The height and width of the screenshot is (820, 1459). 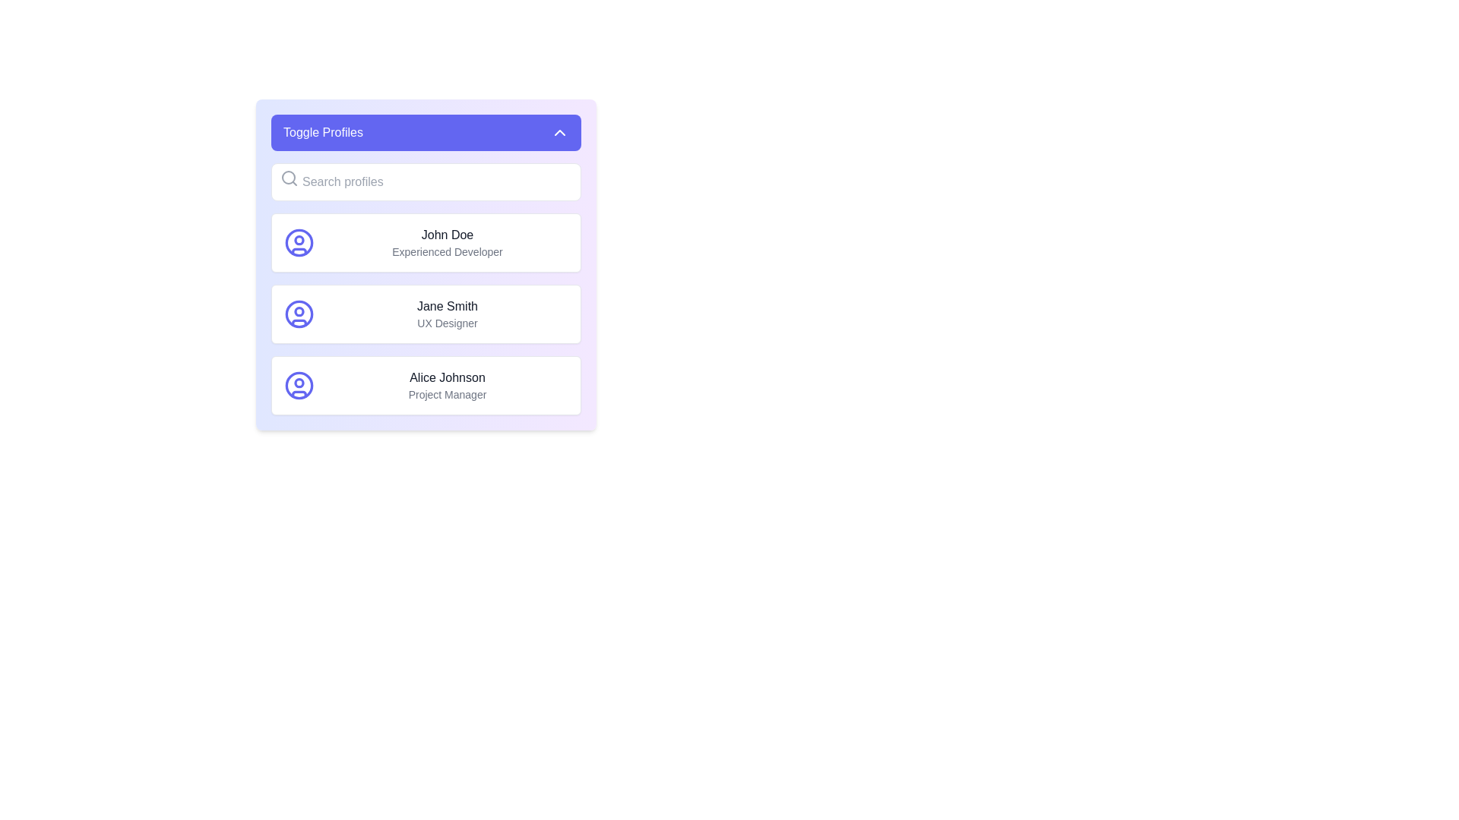 I want to click on the text label stating 'UX Designer' that is positioned below the name 'Jane Smith' within the profile card, so click(x=447, y=322).